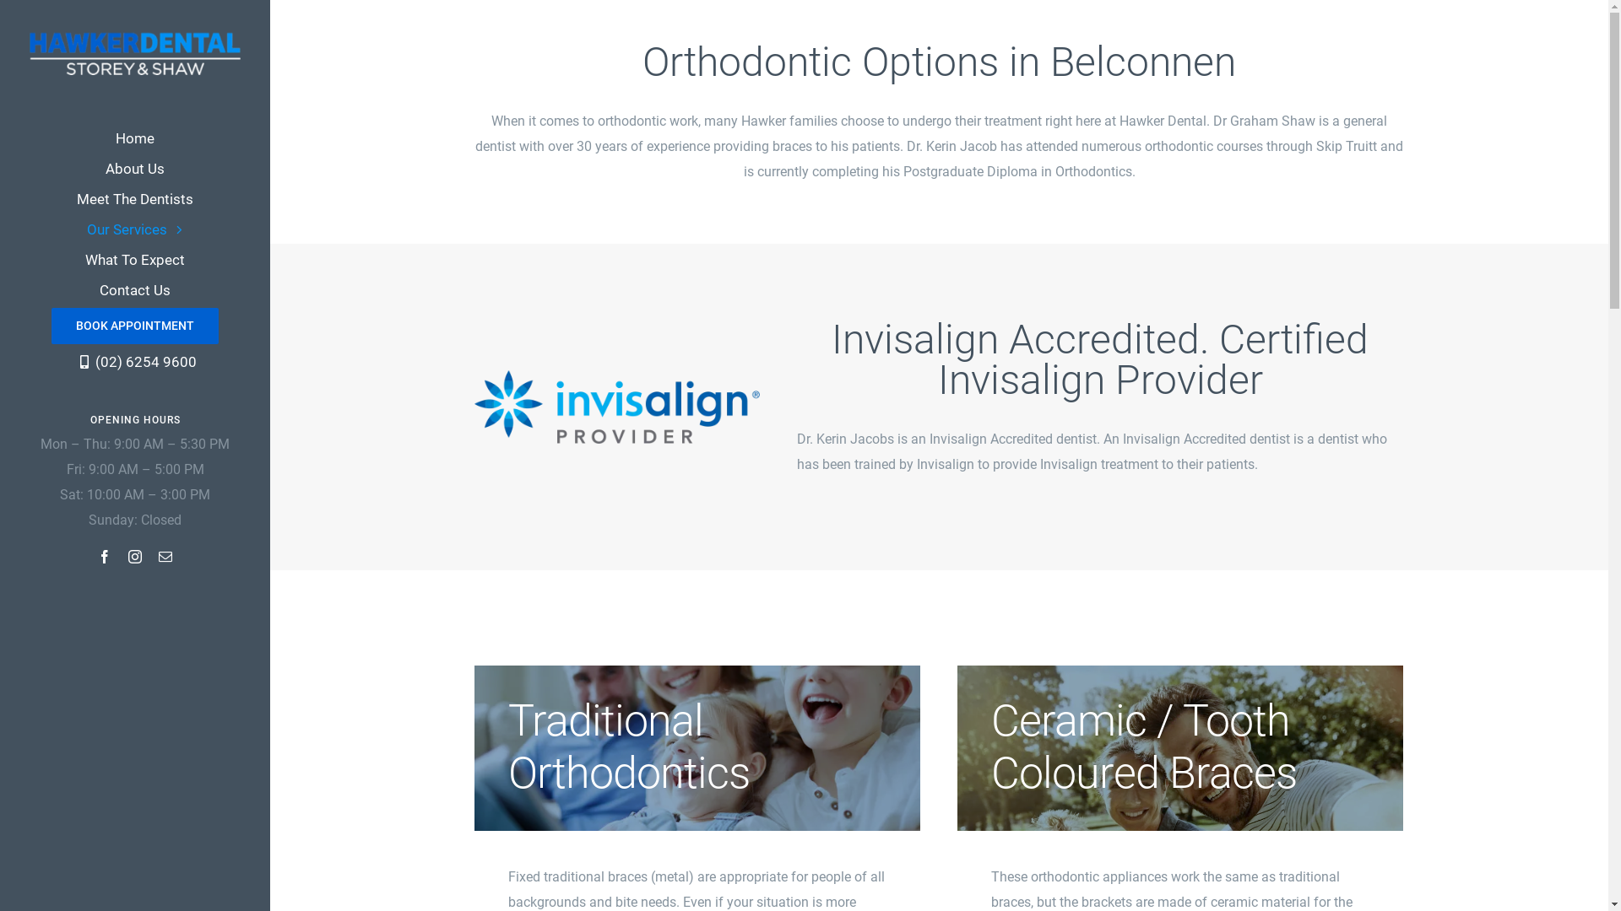  What do you see at coordinates (133, 288) in the screenshot?
I see `'Contact Us'` at bounding box center [133, 288].